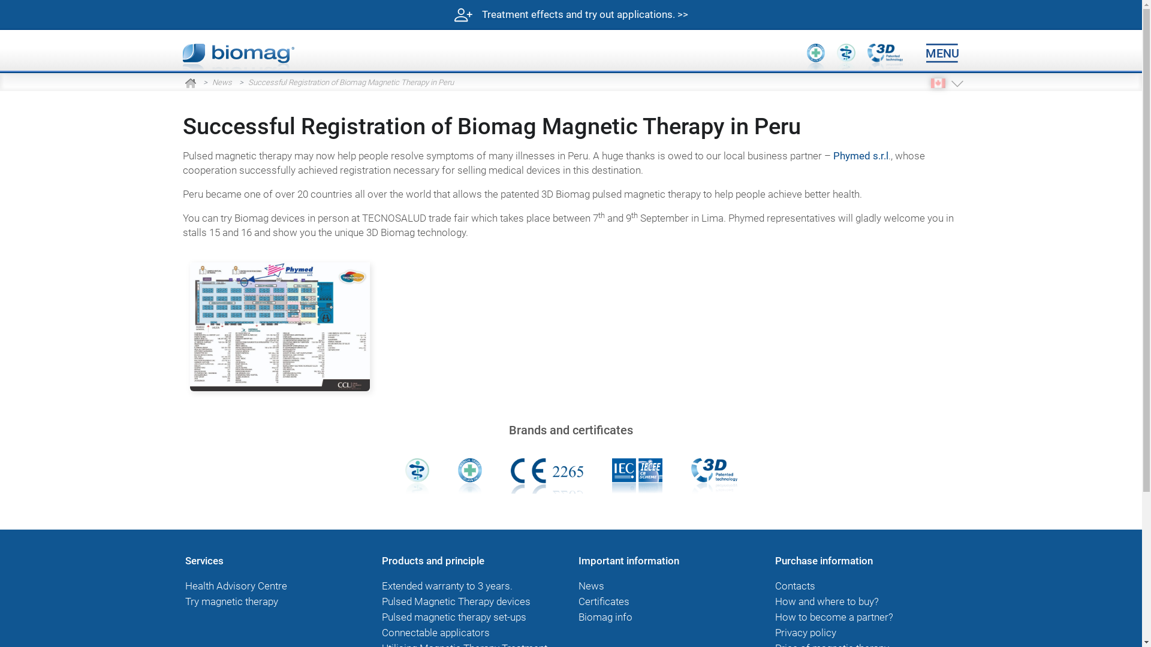  Describe the element at coordinates (578, 561) in the screenshot. I see `'Important information'` at that location.